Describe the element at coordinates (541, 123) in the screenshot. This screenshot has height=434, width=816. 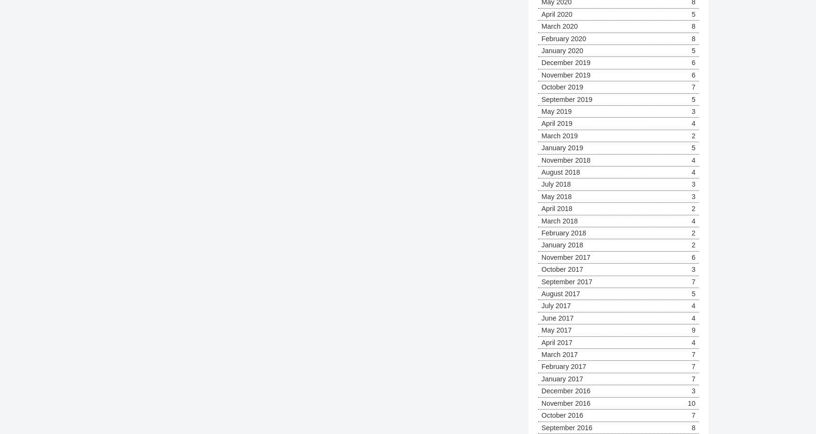
I see `'April 2019'` at that location.